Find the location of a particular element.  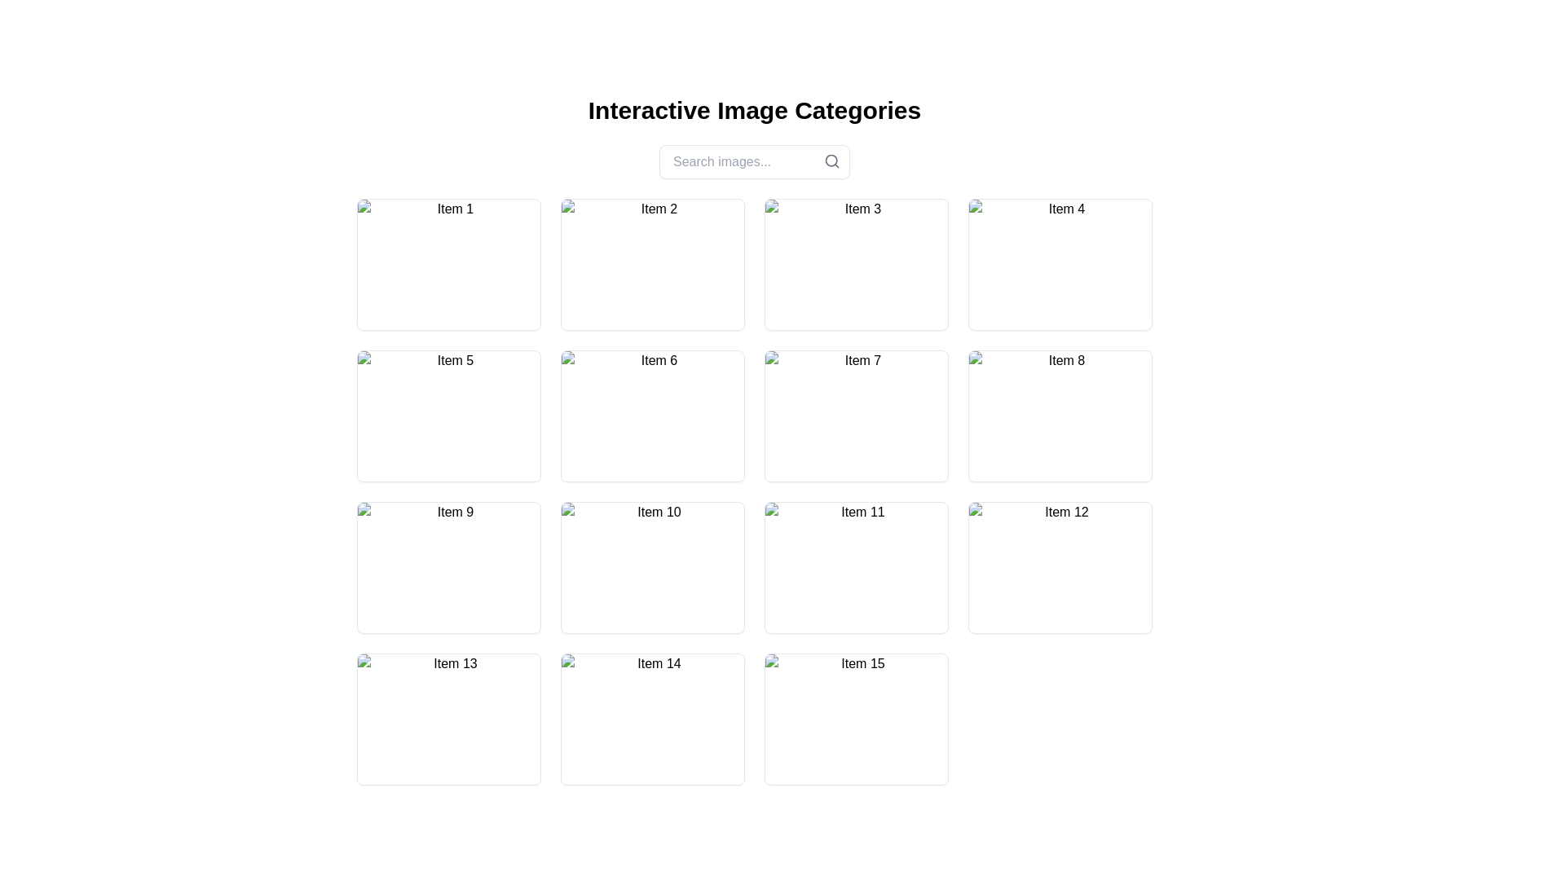

the image labeled 'Item 8' is located at coordinates (1060, 415).